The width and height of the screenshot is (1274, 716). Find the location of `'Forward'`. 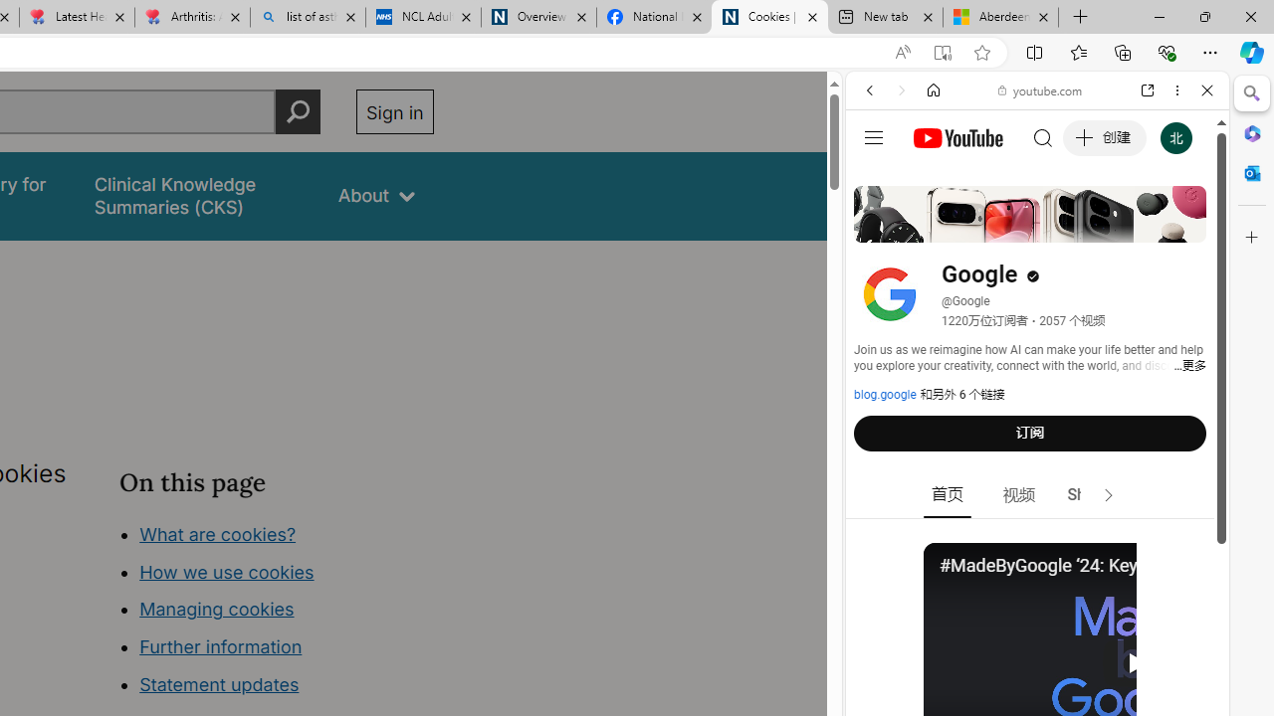

'Forward' is located at coordinates (901, 90).